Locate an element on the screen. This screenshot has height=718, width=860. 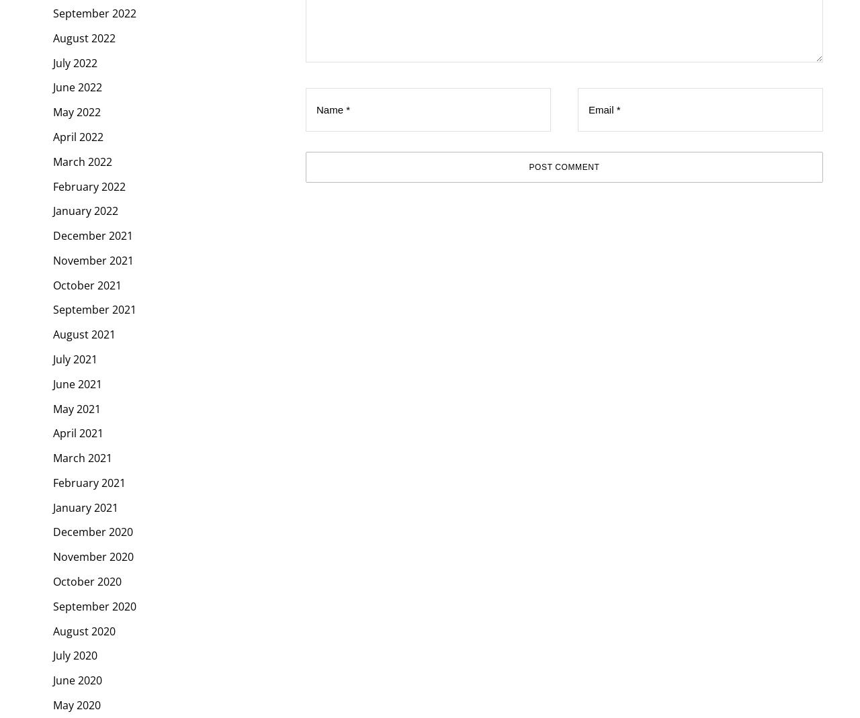
'July 2020' is located at coordinates (75, 655).